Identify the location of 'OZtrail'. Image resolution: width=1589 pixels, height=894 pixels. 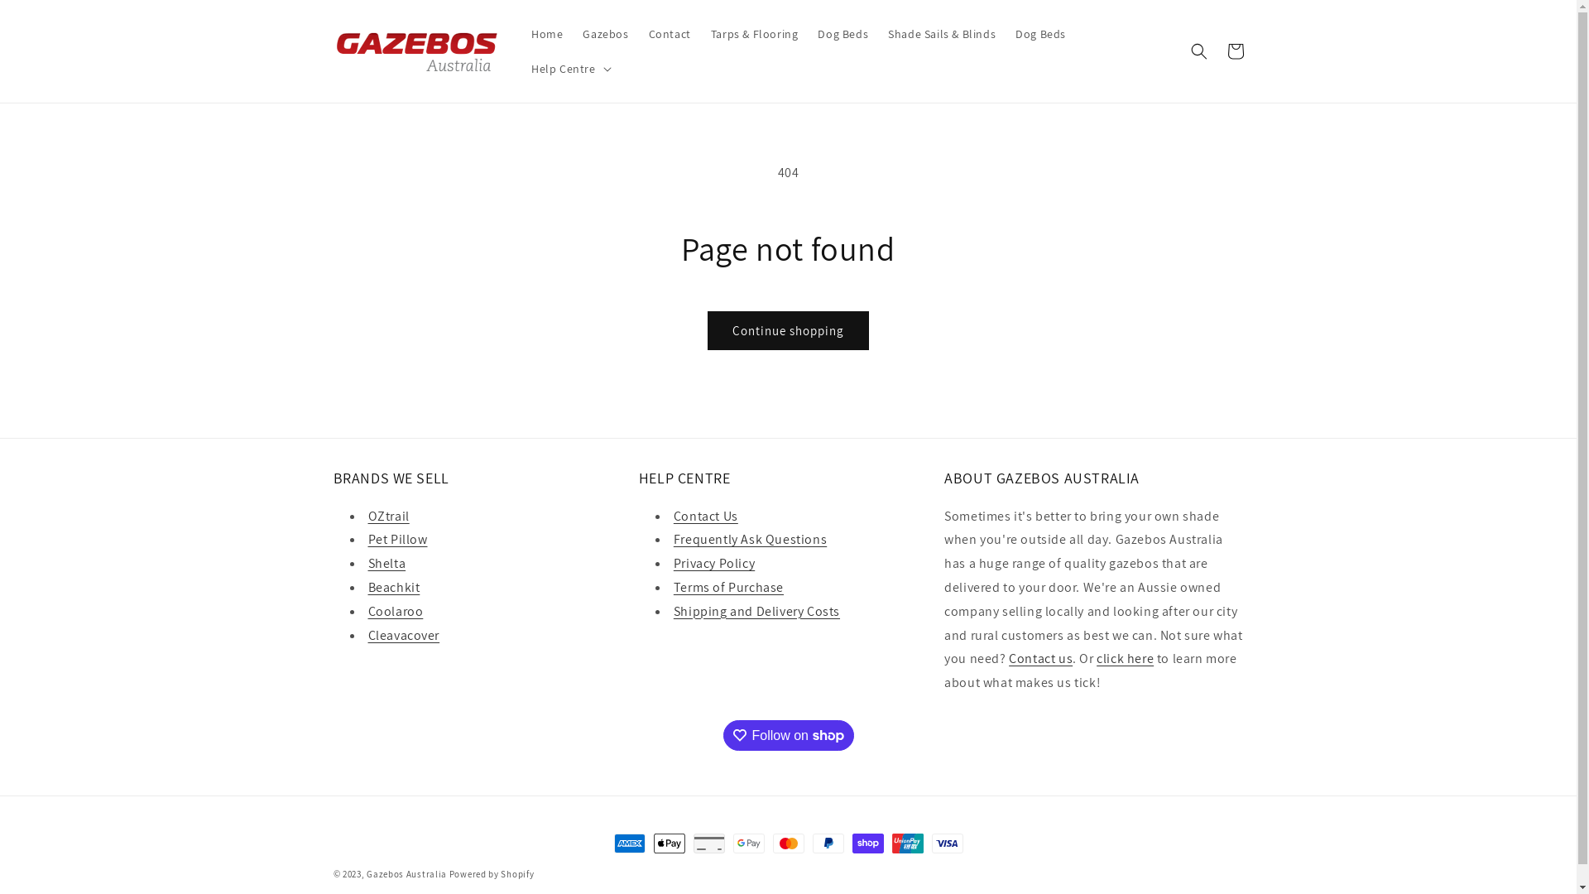
(387, 515).